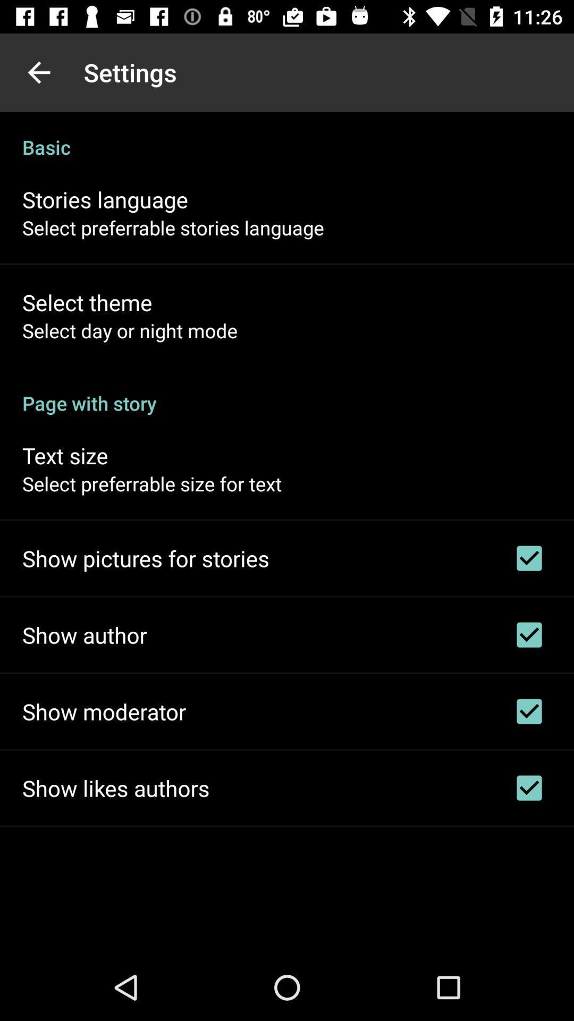  Describe the element at coordinates (38, 72) in the screenshot. I see `item to the left of the settings item` at that location.